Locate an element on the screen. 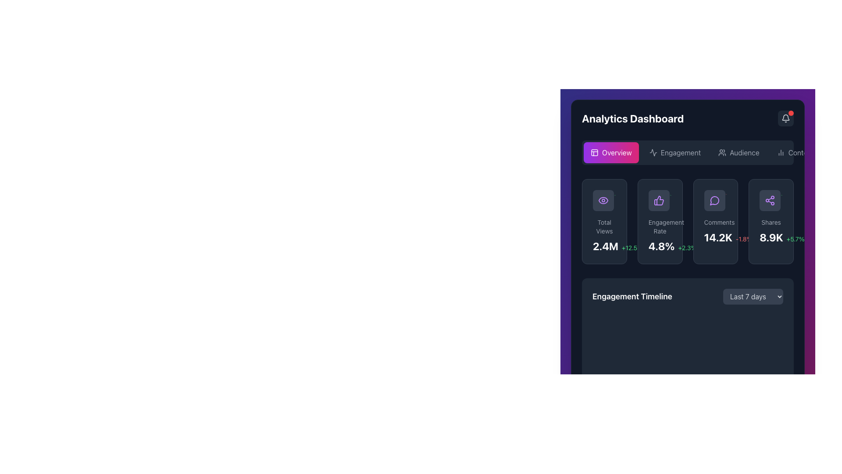 Image resolution: width=842 pixels, height=474 pixels. the text label that describes the engagement rate metric, located in the statistics box on the dashboard, positioned beneath the thumbs-up icon and above the '4.8%' and '+2.3%' statistics is located at coordinates (660, 226).